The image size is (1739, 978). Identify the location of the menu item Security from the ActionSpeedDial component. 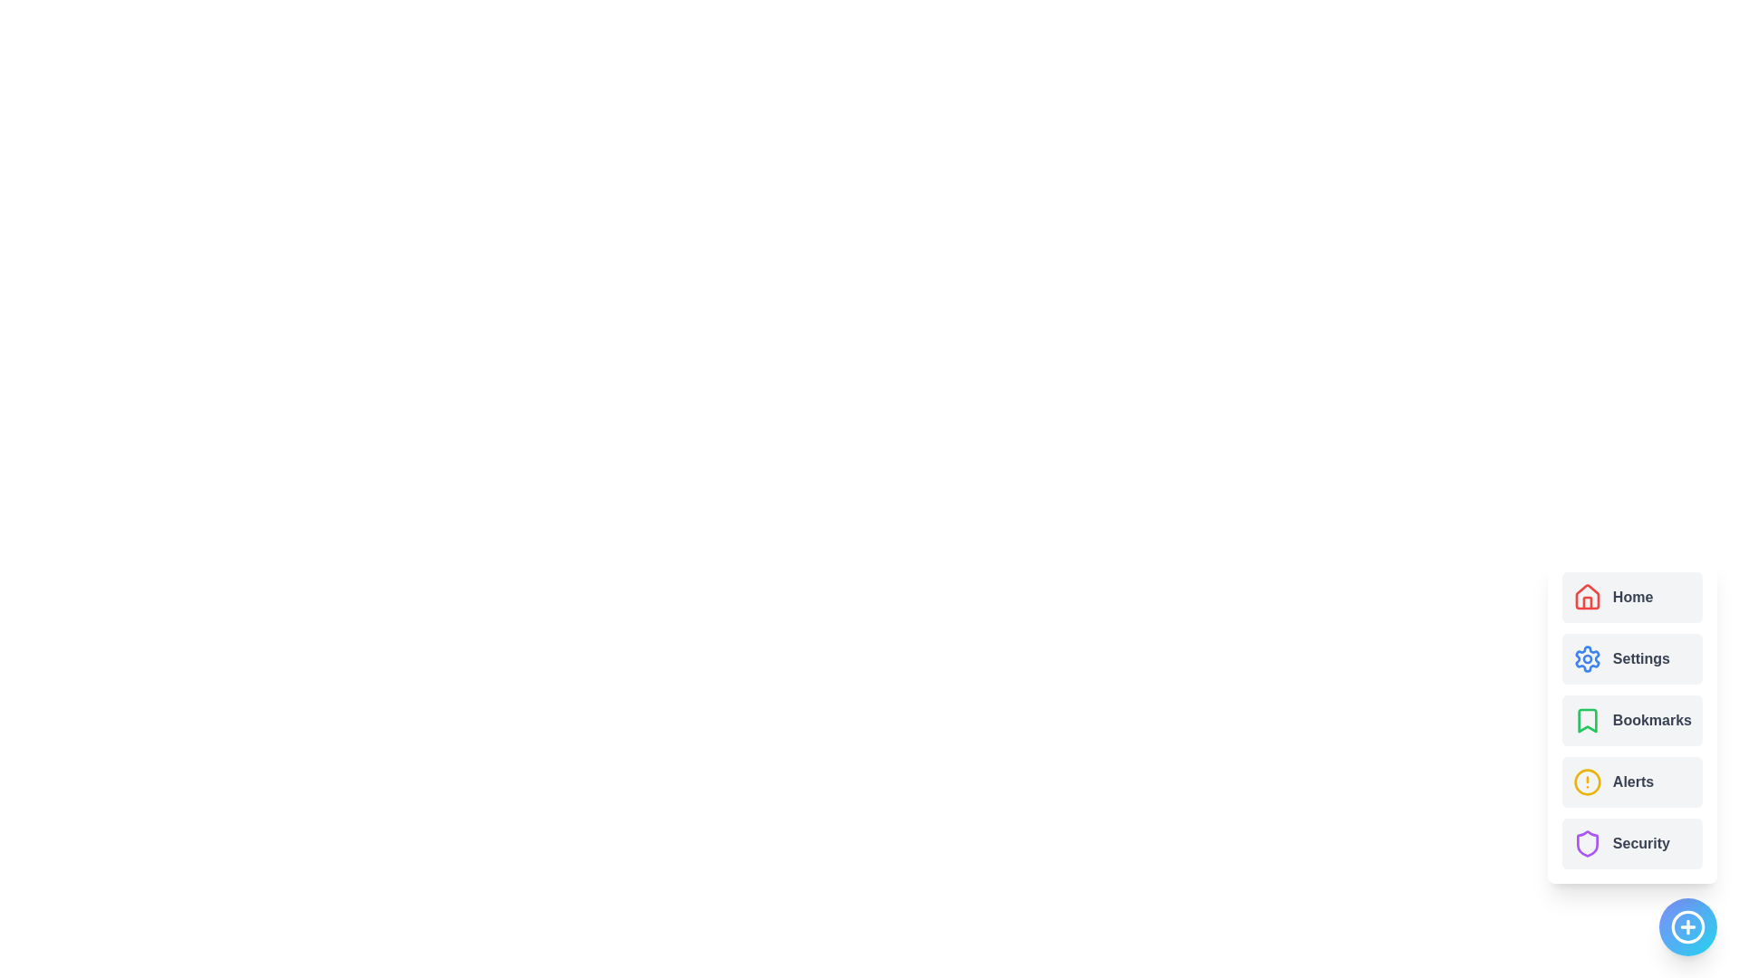
(1631, 844).